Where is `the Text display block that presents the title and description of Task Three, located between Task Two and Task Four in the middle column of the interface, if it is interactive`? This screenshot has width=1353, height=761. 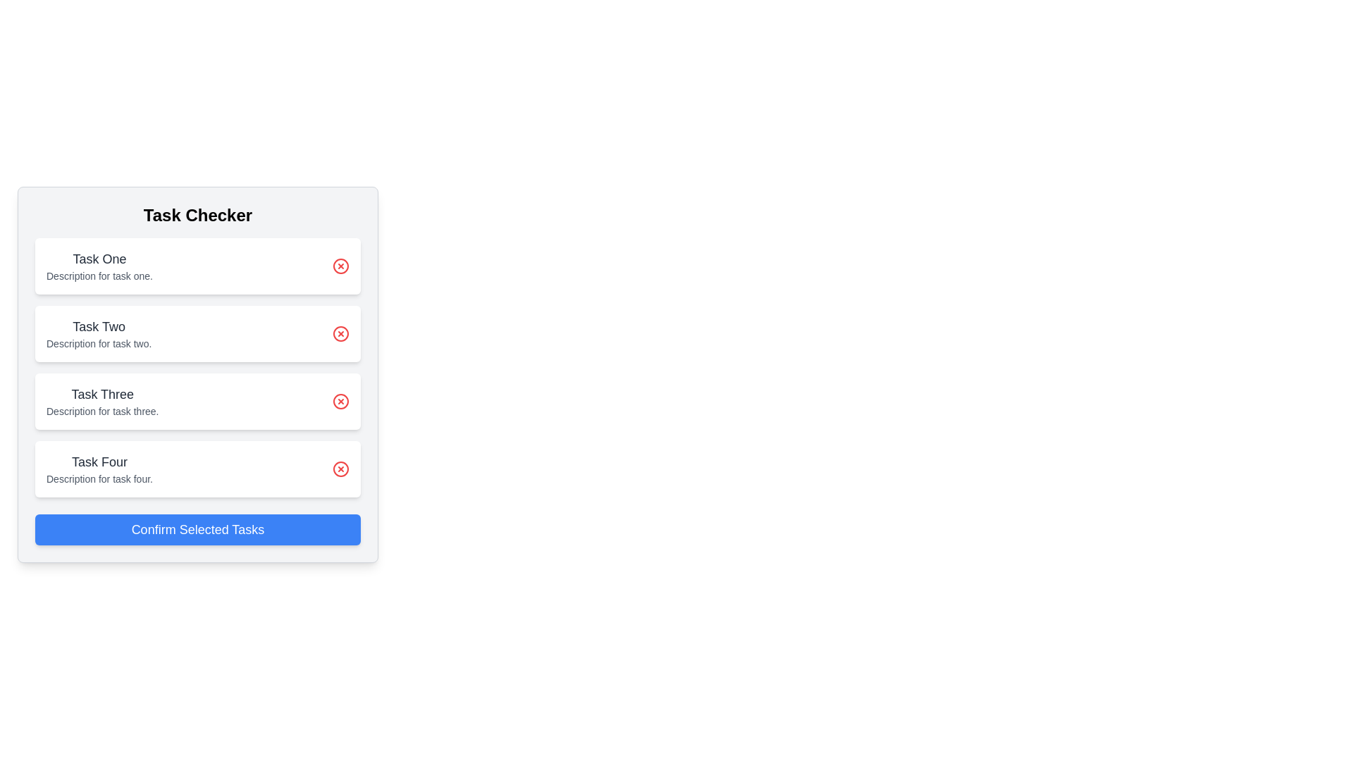 the Text display block that presents the title and description of Task Three, located between Task Two and Task Four in the middle column of the interface, if it is interactive is located at coordinates (101, 402).